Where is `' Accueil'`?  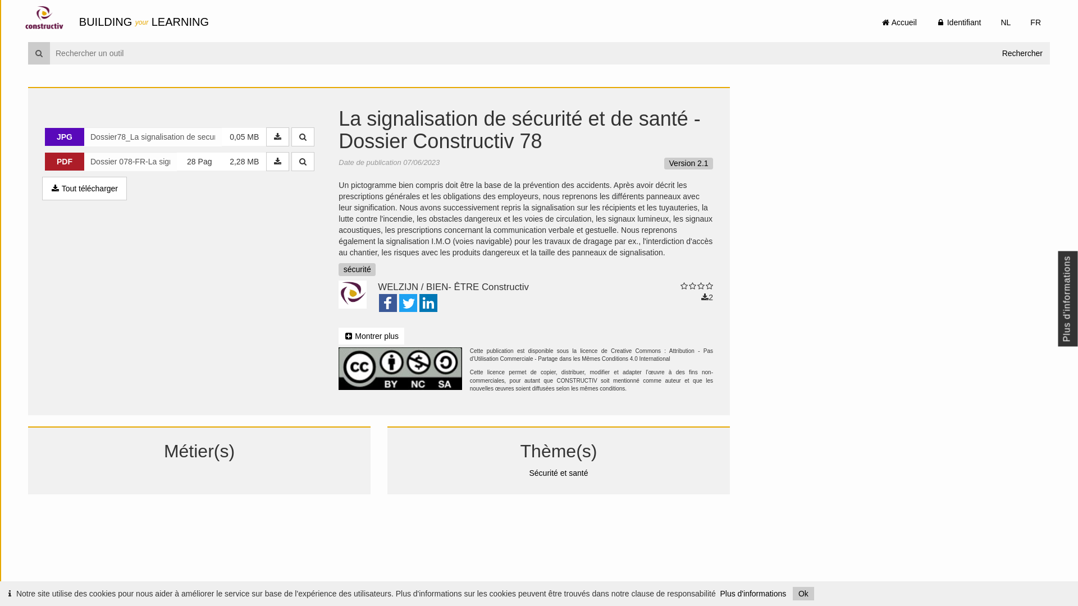 ' Accueil' is located at coordinates (873, 22).